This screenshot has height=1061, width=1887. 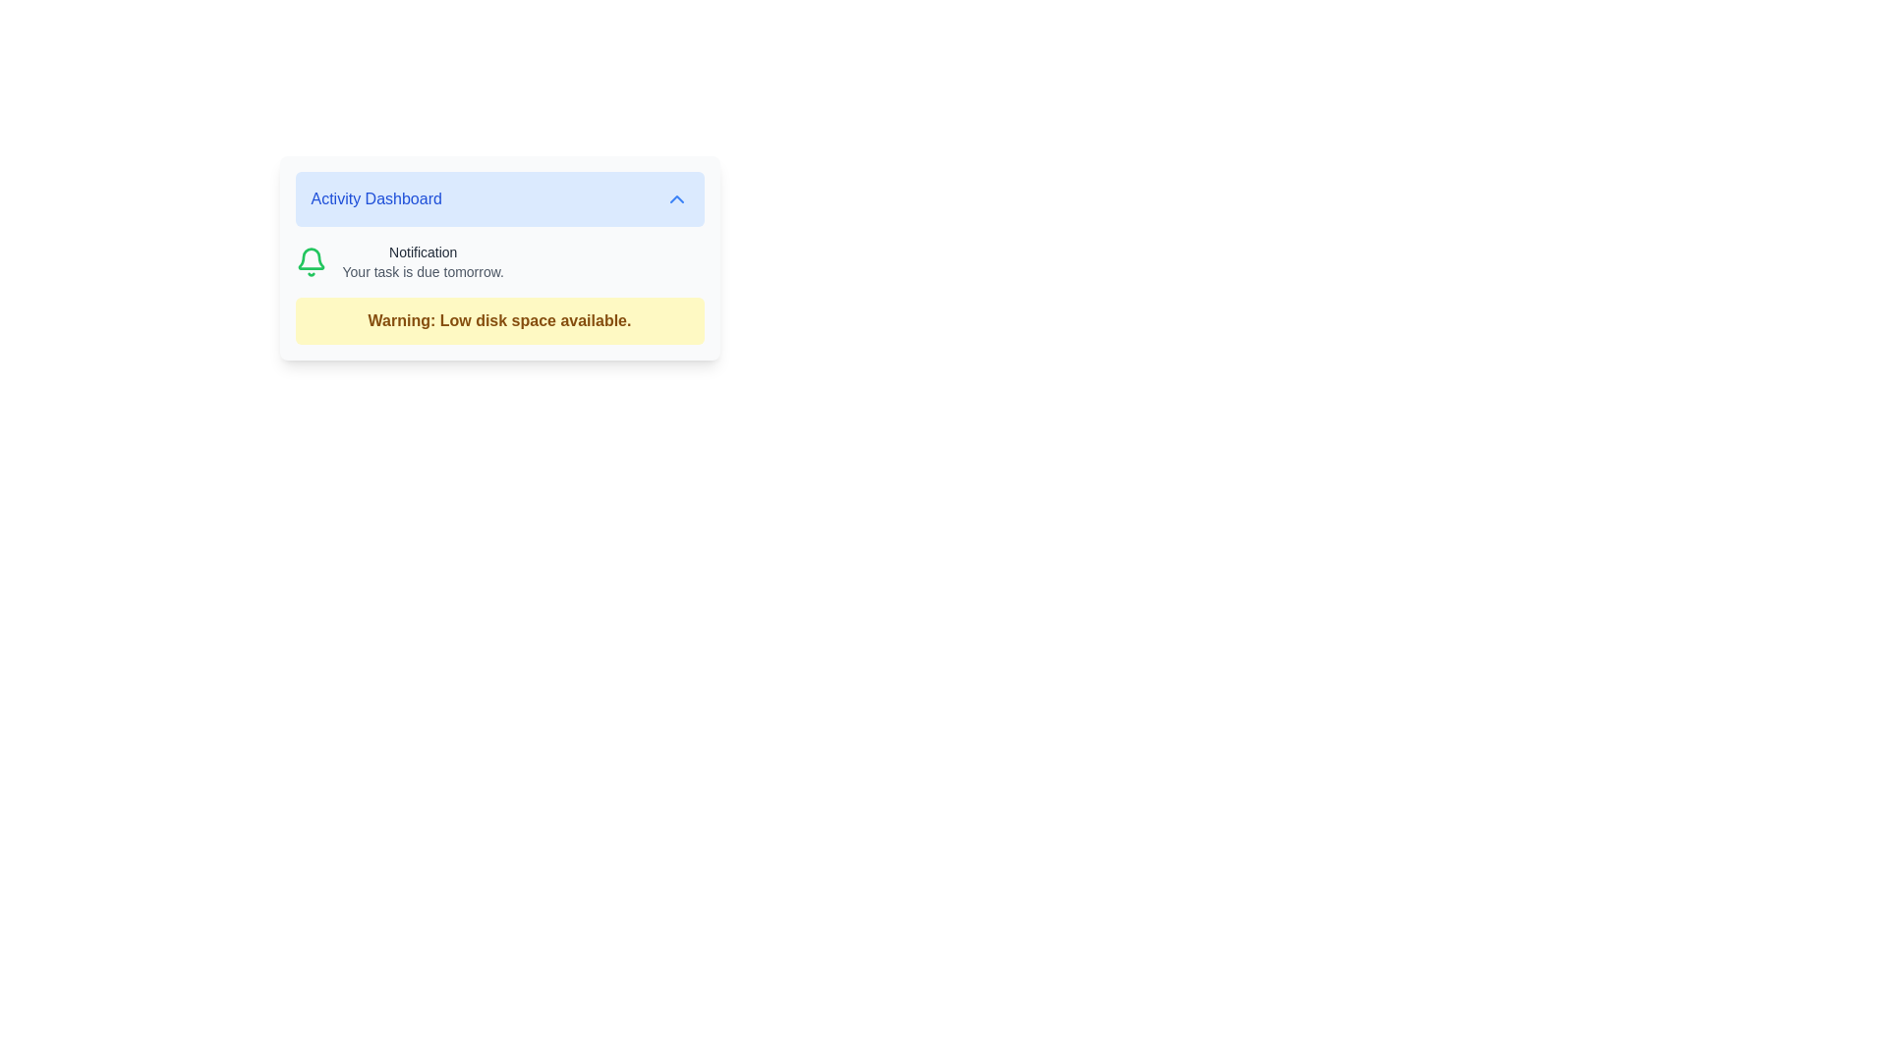 I want to click on the green notification bell icon located to the left of the 'Notification' text and aligned with 'Your task is due tomorrow.', so click(x=310, y=260).